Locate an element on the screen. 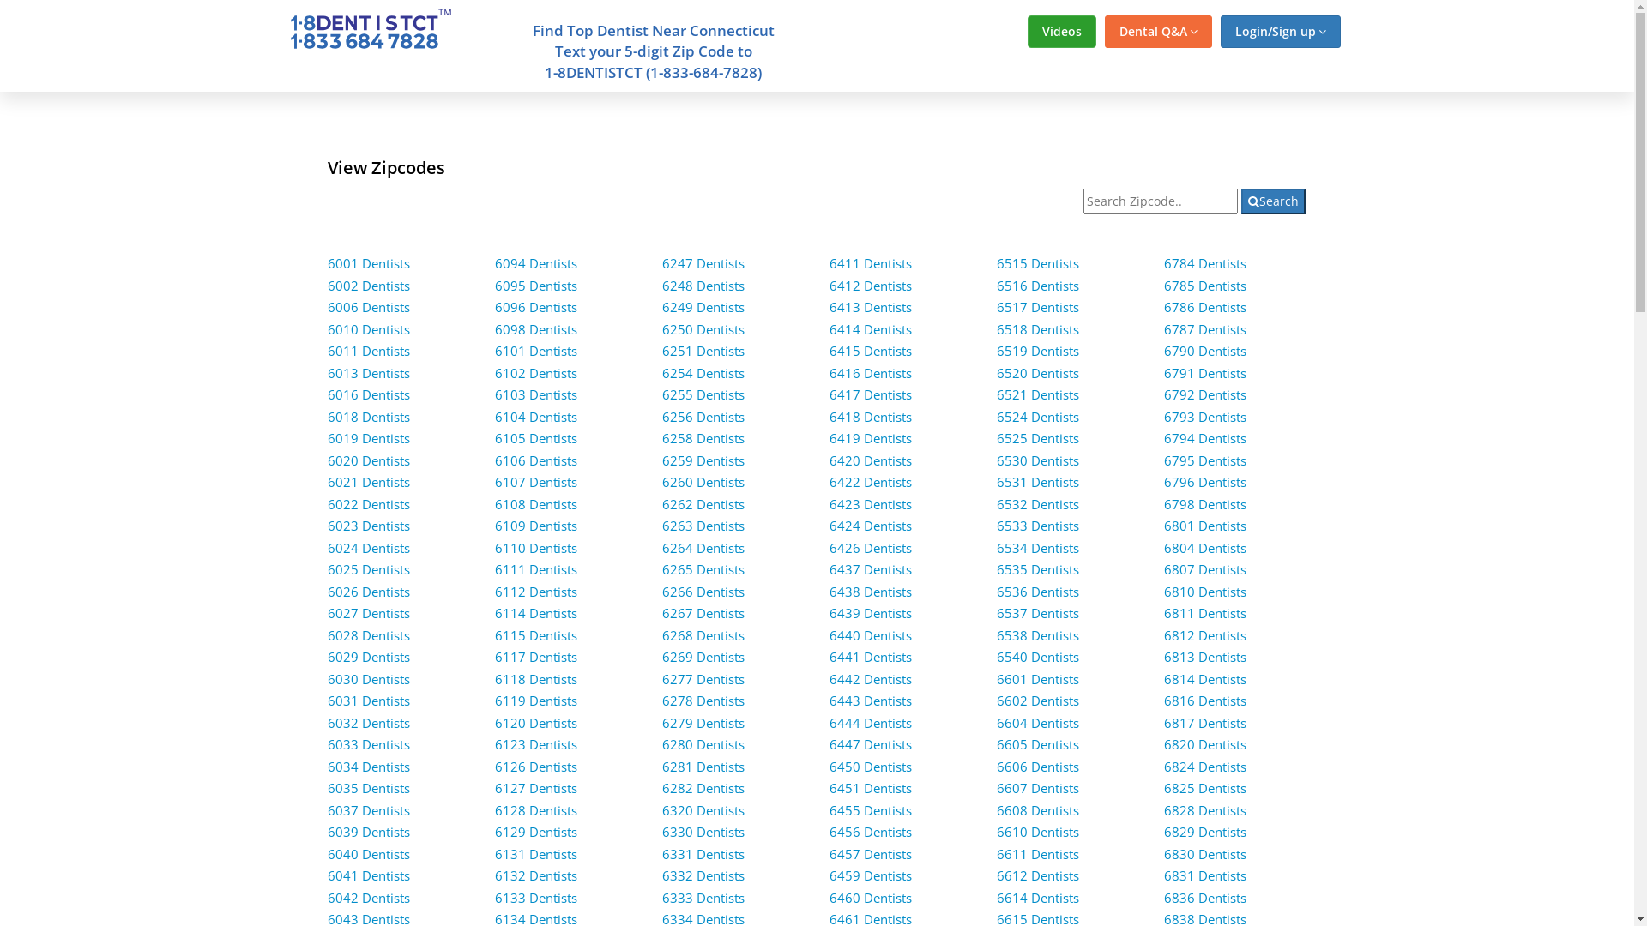 This screenshot has width=1647, height=926. '6010 Dentists' is located at coordinates (368, 329).